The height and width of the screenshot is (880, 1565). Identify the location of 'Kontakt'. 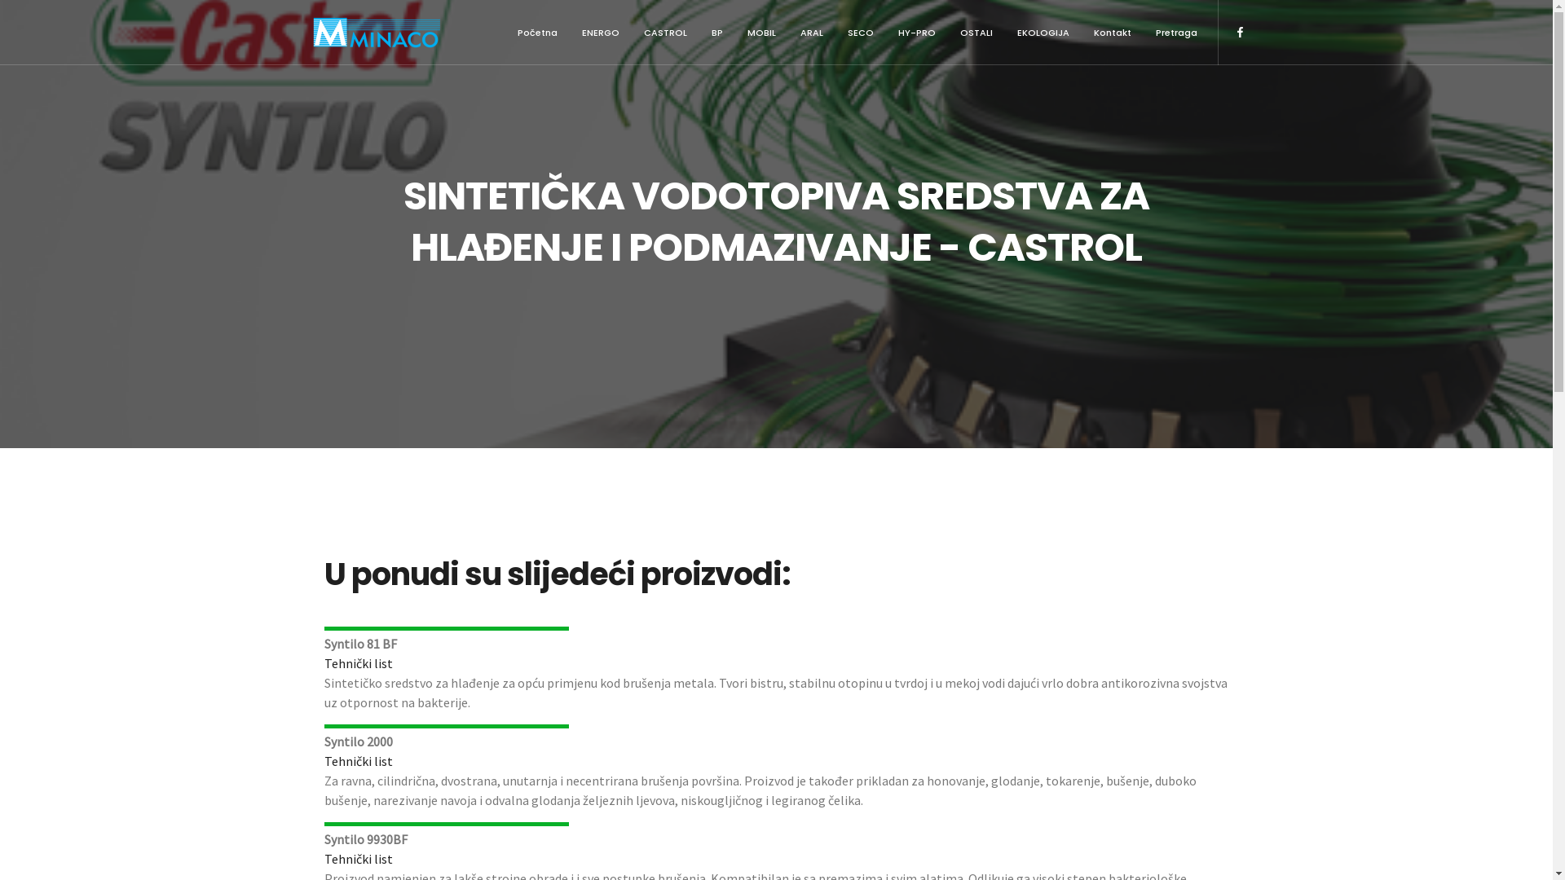
(1110, 32).